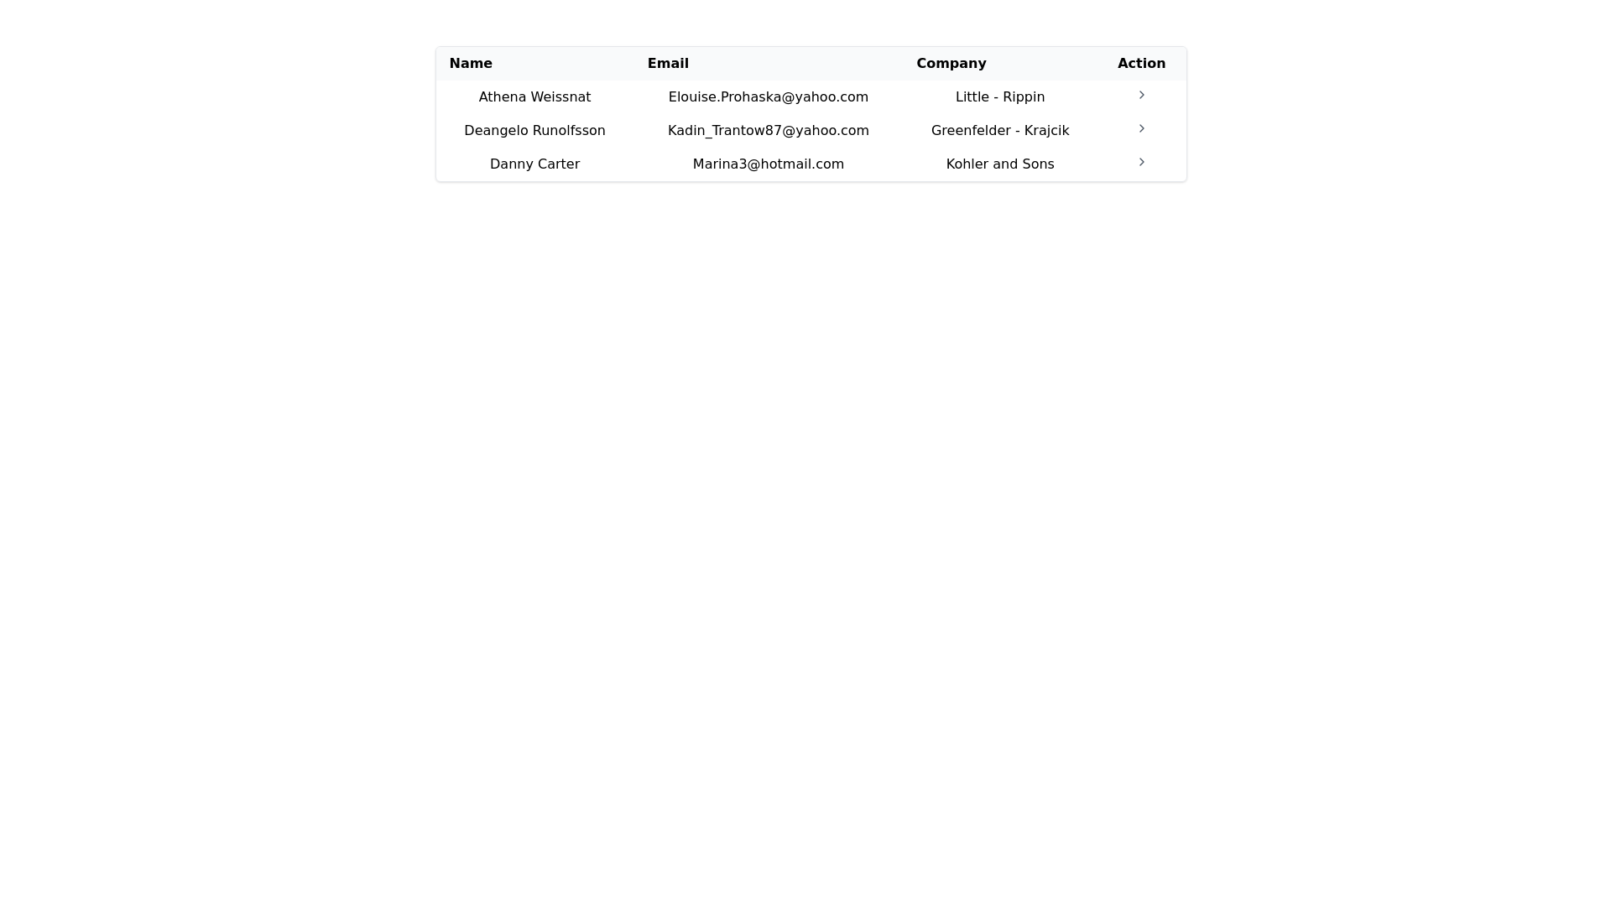 The image size is (1611, 906). What do you see at coordinates (1000, 164) in the screenshot?
I see `the static text label displaying 'Kohler and Sons' in the 'Company' column of the last row of the table` at bounding box center [1000, 164].